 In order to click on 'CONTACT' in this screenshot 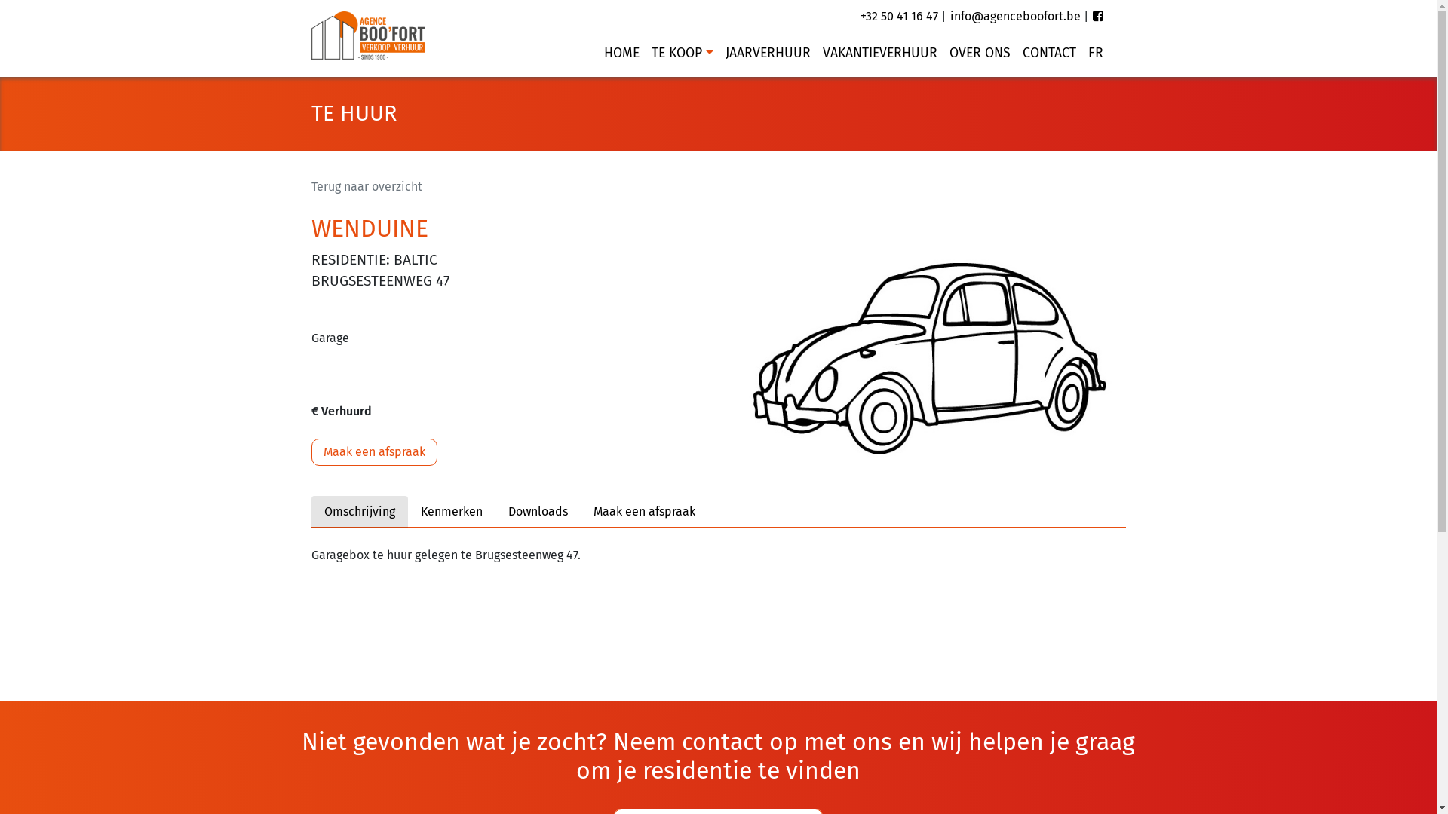, I will do `click(1048, 52)`.